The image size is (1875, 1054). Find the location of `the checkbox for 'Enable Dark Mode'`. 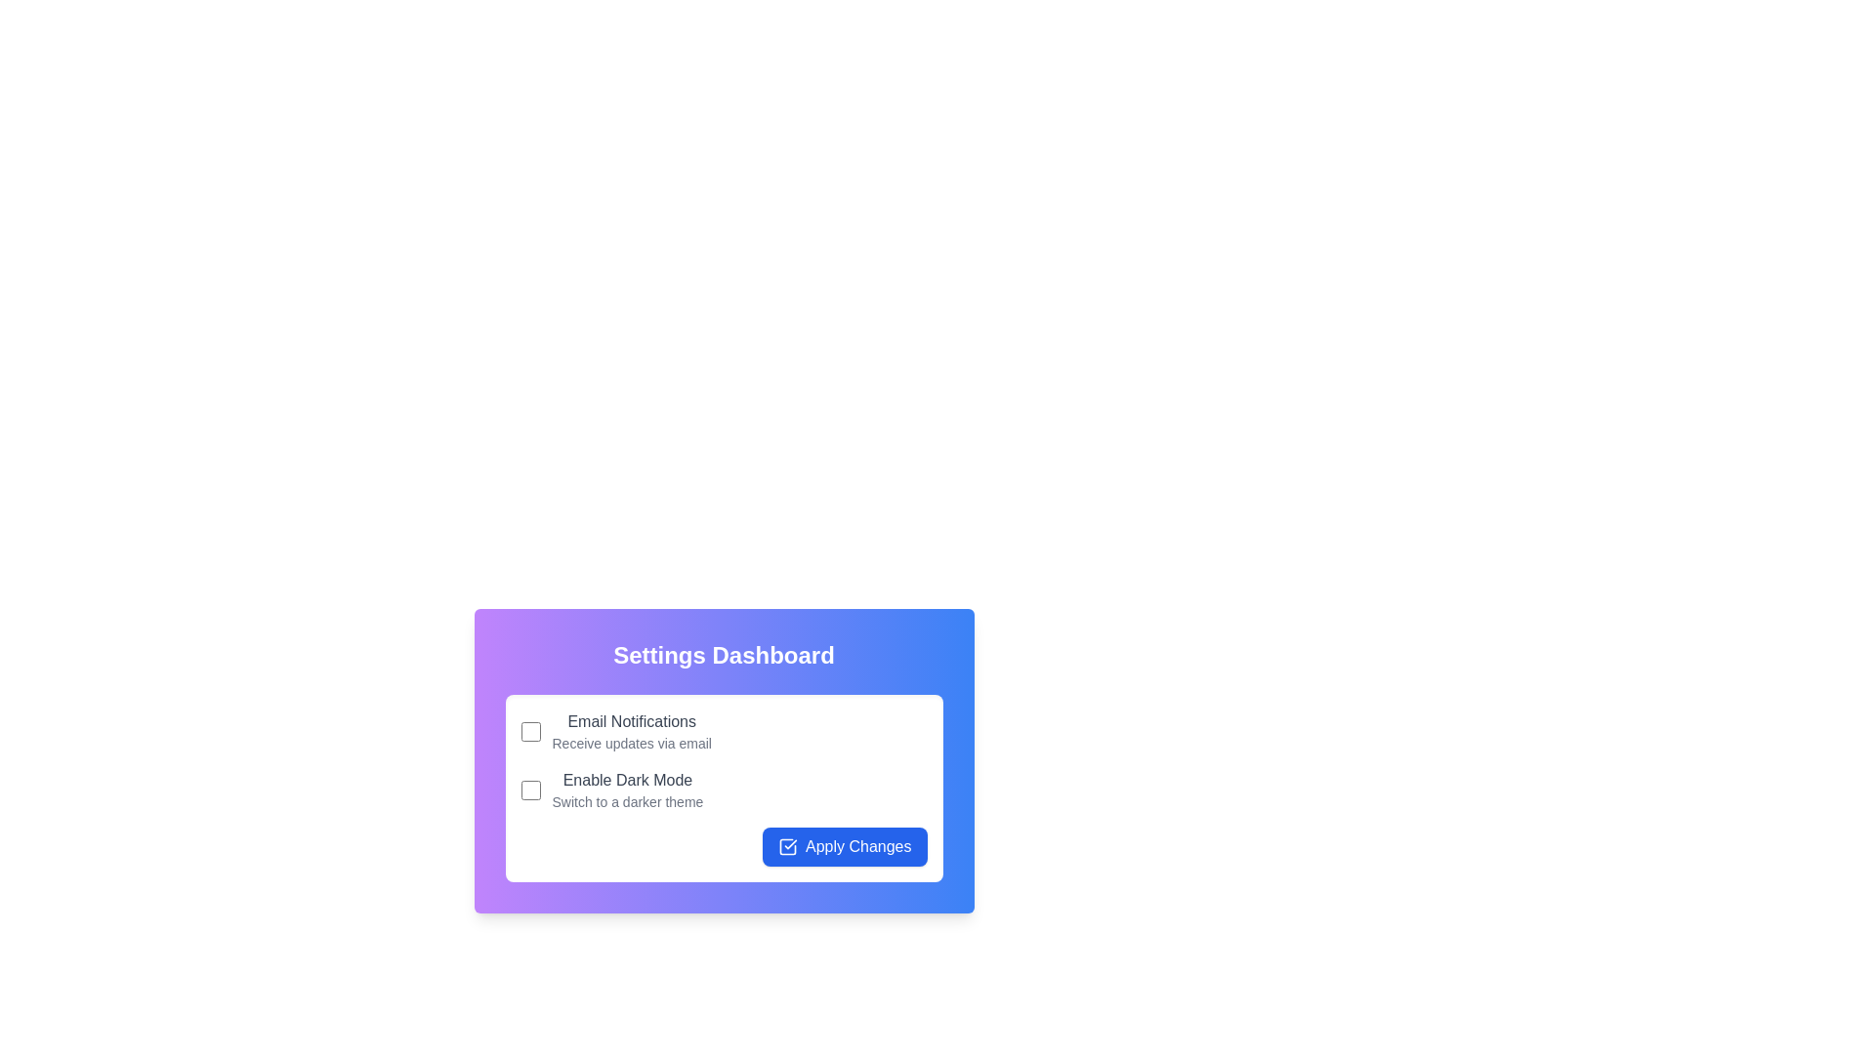

the checkbox for 'Enable Dark Mode' is located at coordinates (723, 790).